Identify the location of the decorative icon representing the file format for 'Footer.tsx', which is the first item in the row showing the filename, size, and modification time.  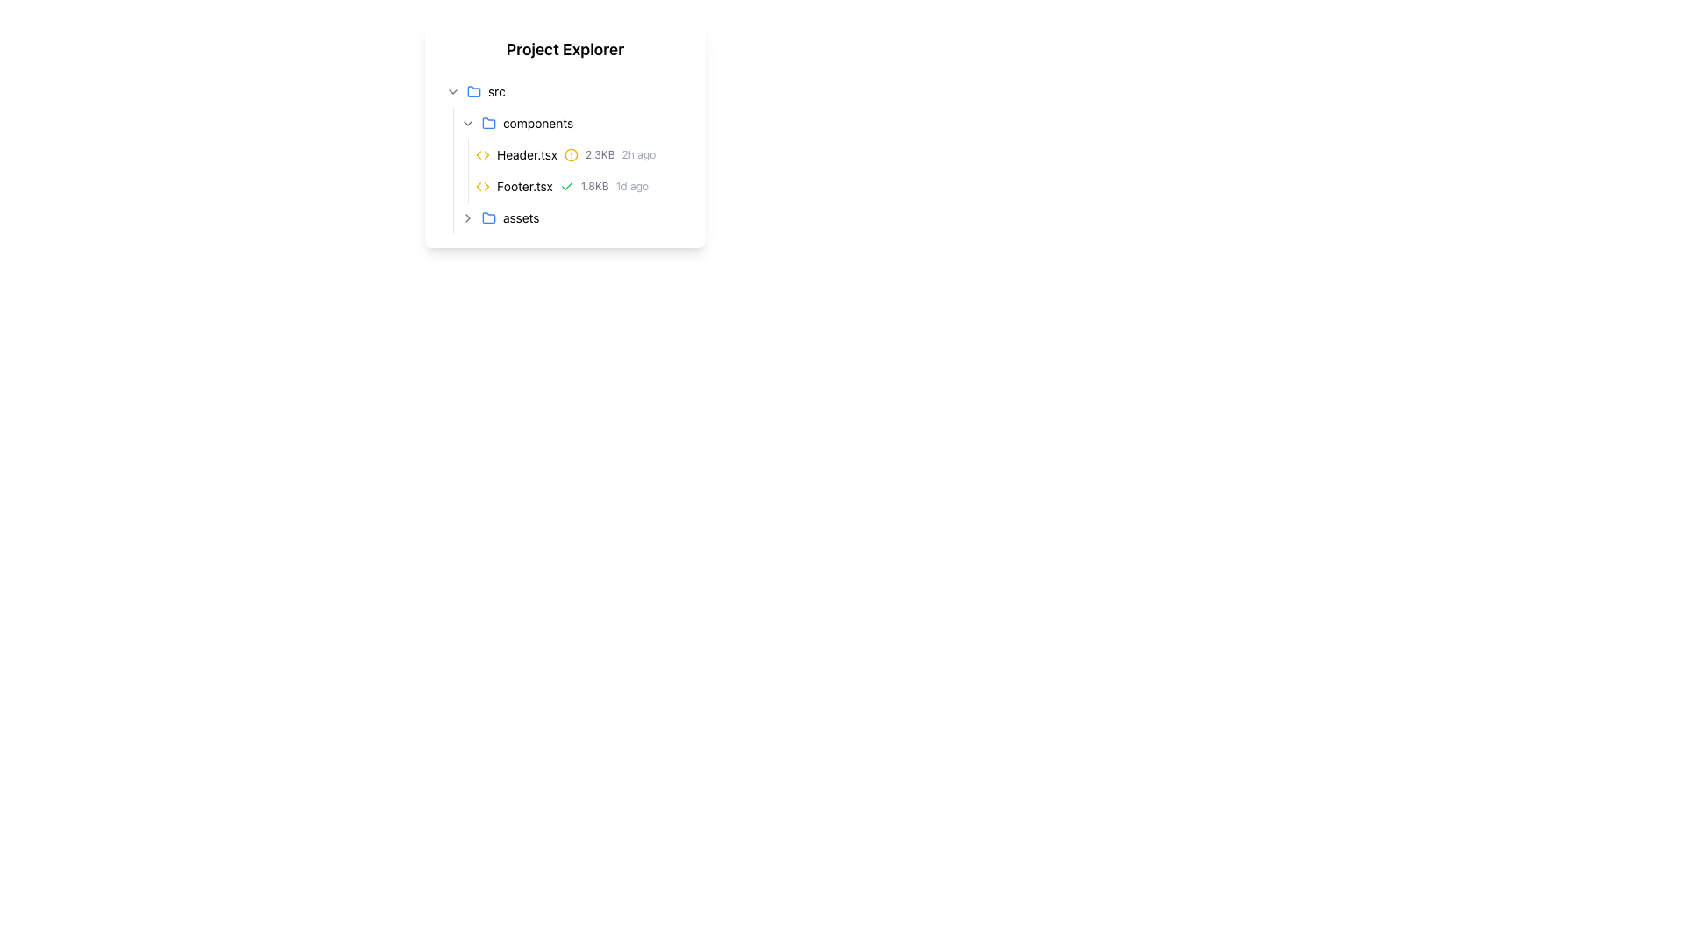
(483, 186).